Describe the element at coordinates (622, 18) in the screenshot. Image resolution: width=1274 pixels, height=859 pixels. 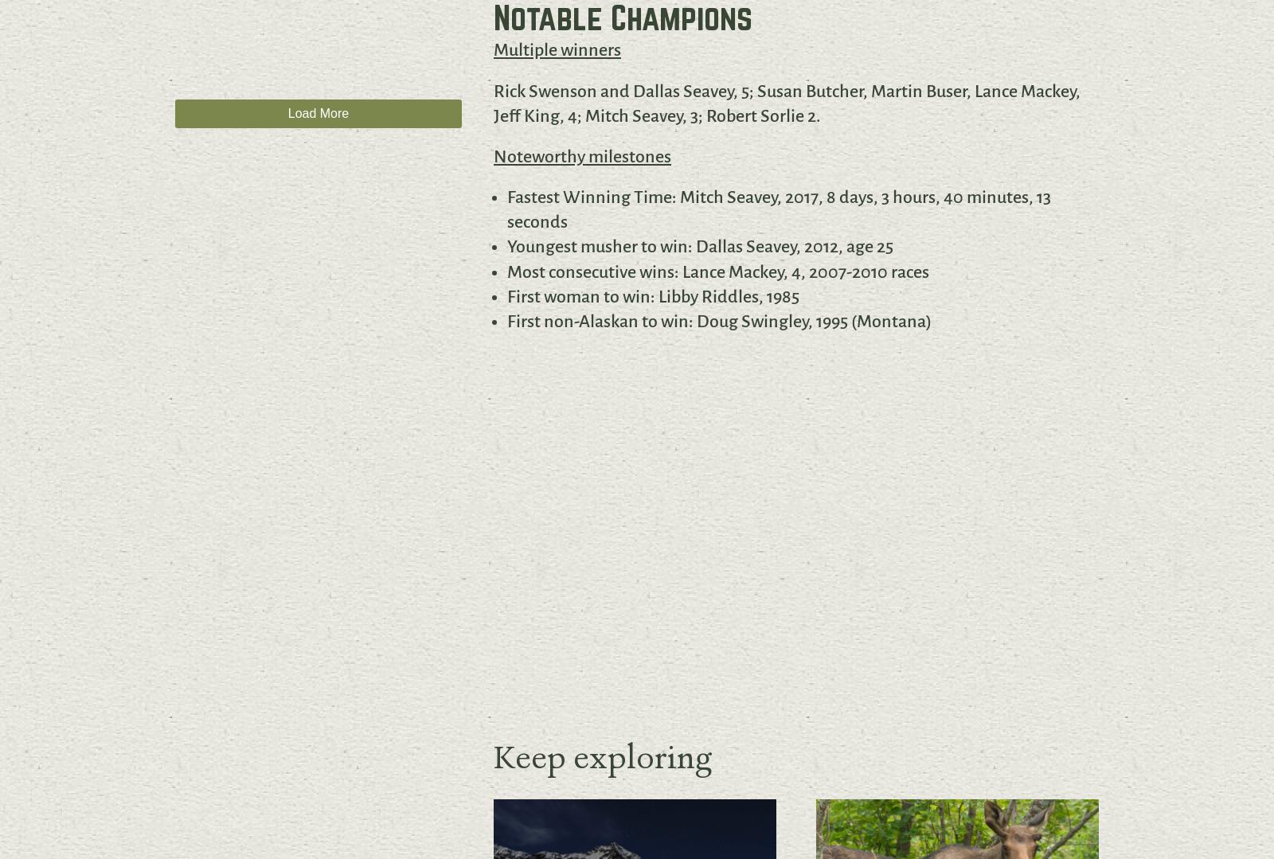
I see `'Notable Champions'` at that location.